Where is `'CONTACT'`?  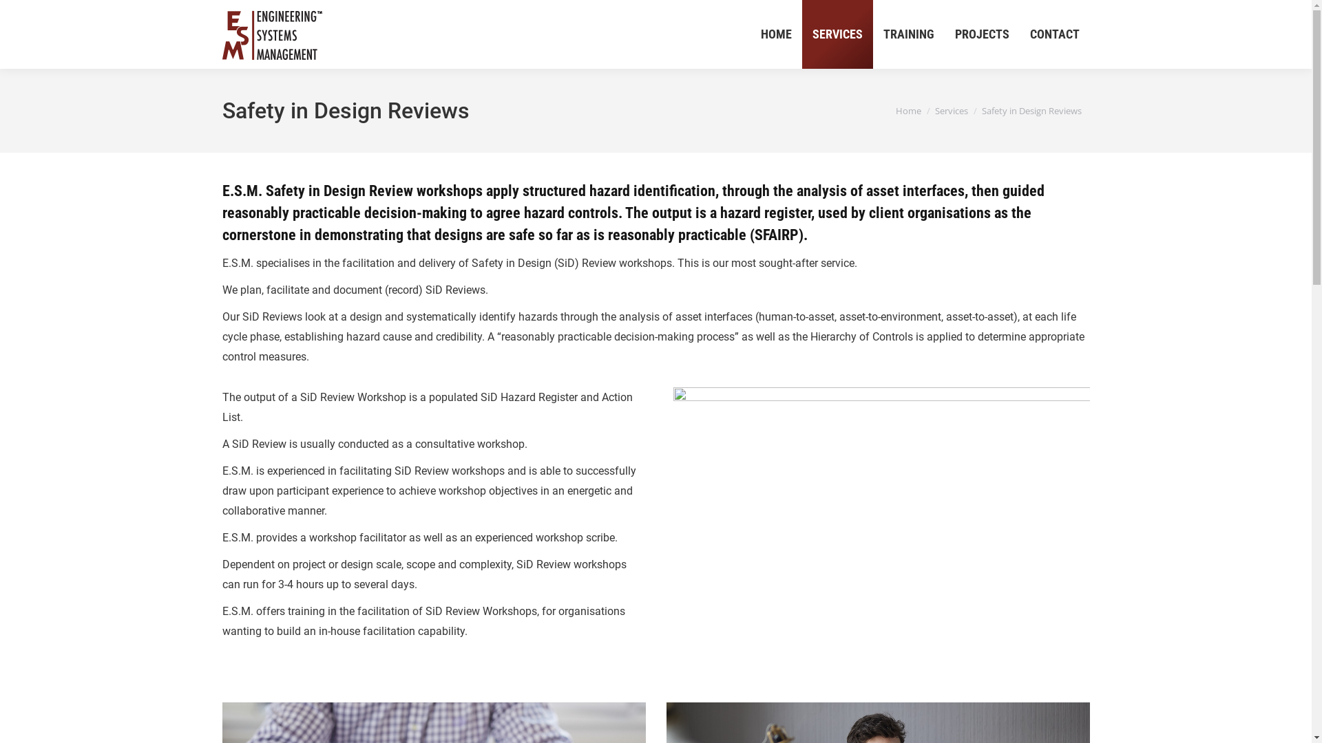
'CONTACT' is located at coordinates (1018, 34).